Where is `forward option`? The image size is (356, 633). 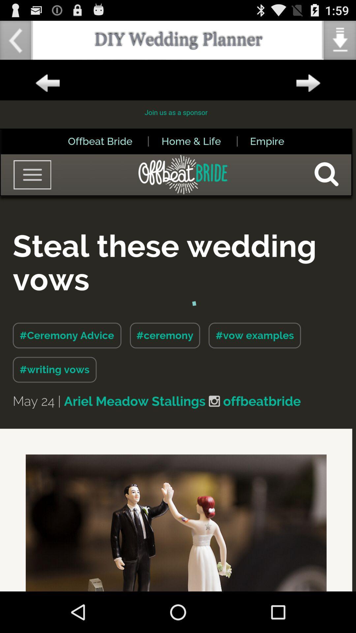 forward option is located at coordinates (308, 83).